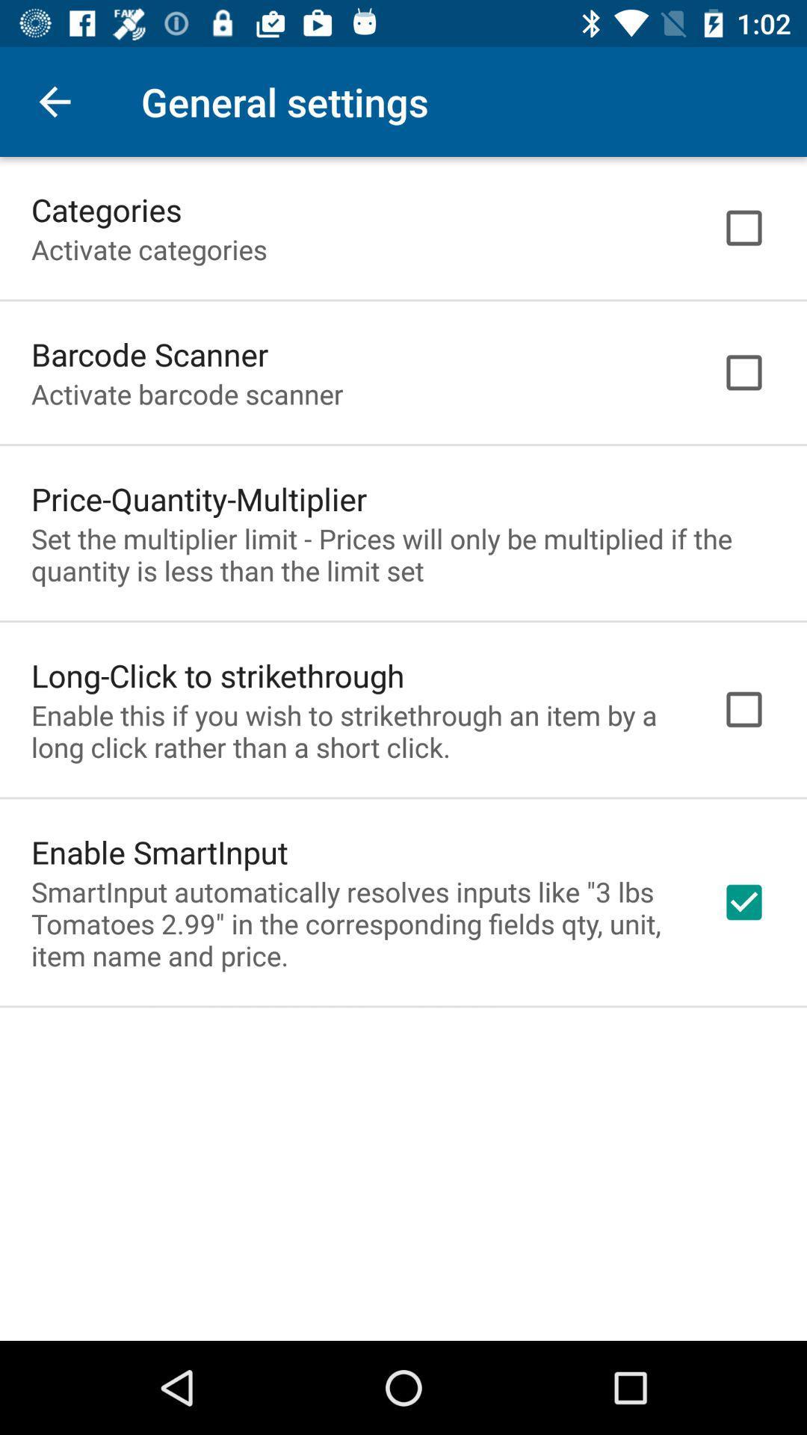 The image size is (807, 1435). What do you see at coordinates (149, 249) in the screenshot?
I see `activate categories item` at bounding box center [149, 249].